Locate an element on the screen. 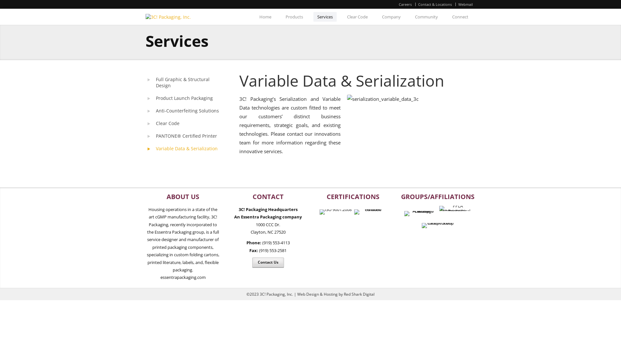 The width and height of the screenshot is (621, 349). 'Independent Carton Group' is located at coordinates (422, 225).